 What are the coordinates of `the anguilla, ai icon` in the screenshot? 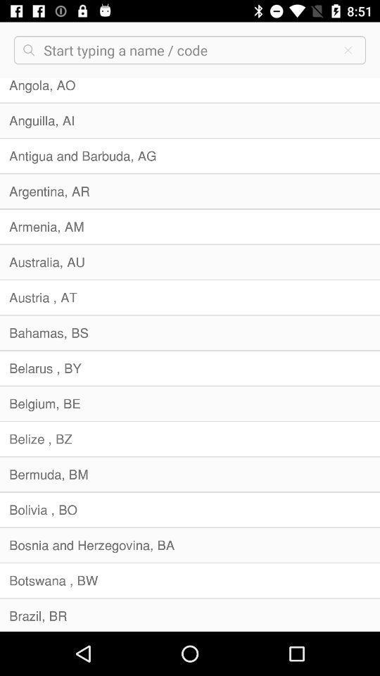 It's located at (190, 120).